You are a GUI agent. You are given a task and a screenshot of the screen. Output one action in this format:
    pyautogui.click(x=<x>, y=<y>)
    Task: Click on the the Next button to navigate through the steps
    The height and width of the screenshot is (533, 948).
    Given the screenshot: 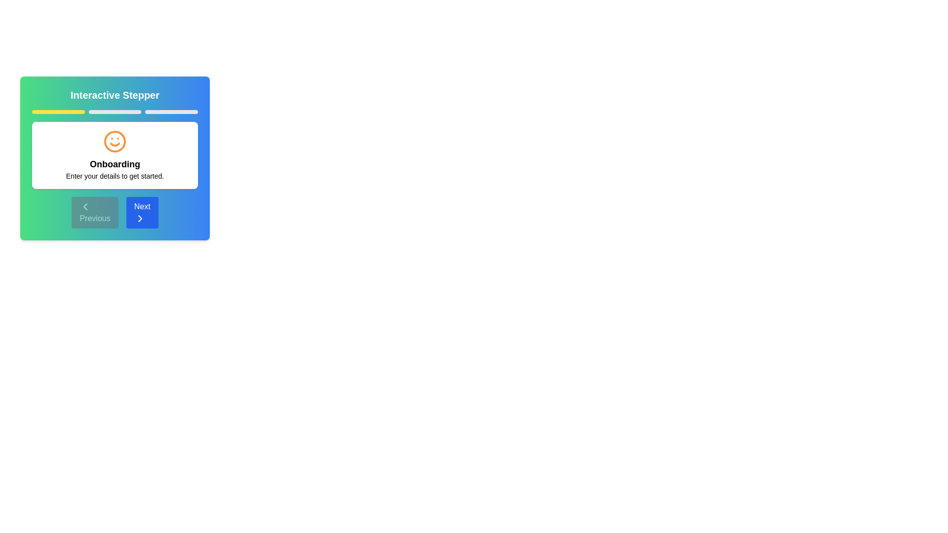 What is the action you would take?
    pyautogui.click(x=142, y=212)
    